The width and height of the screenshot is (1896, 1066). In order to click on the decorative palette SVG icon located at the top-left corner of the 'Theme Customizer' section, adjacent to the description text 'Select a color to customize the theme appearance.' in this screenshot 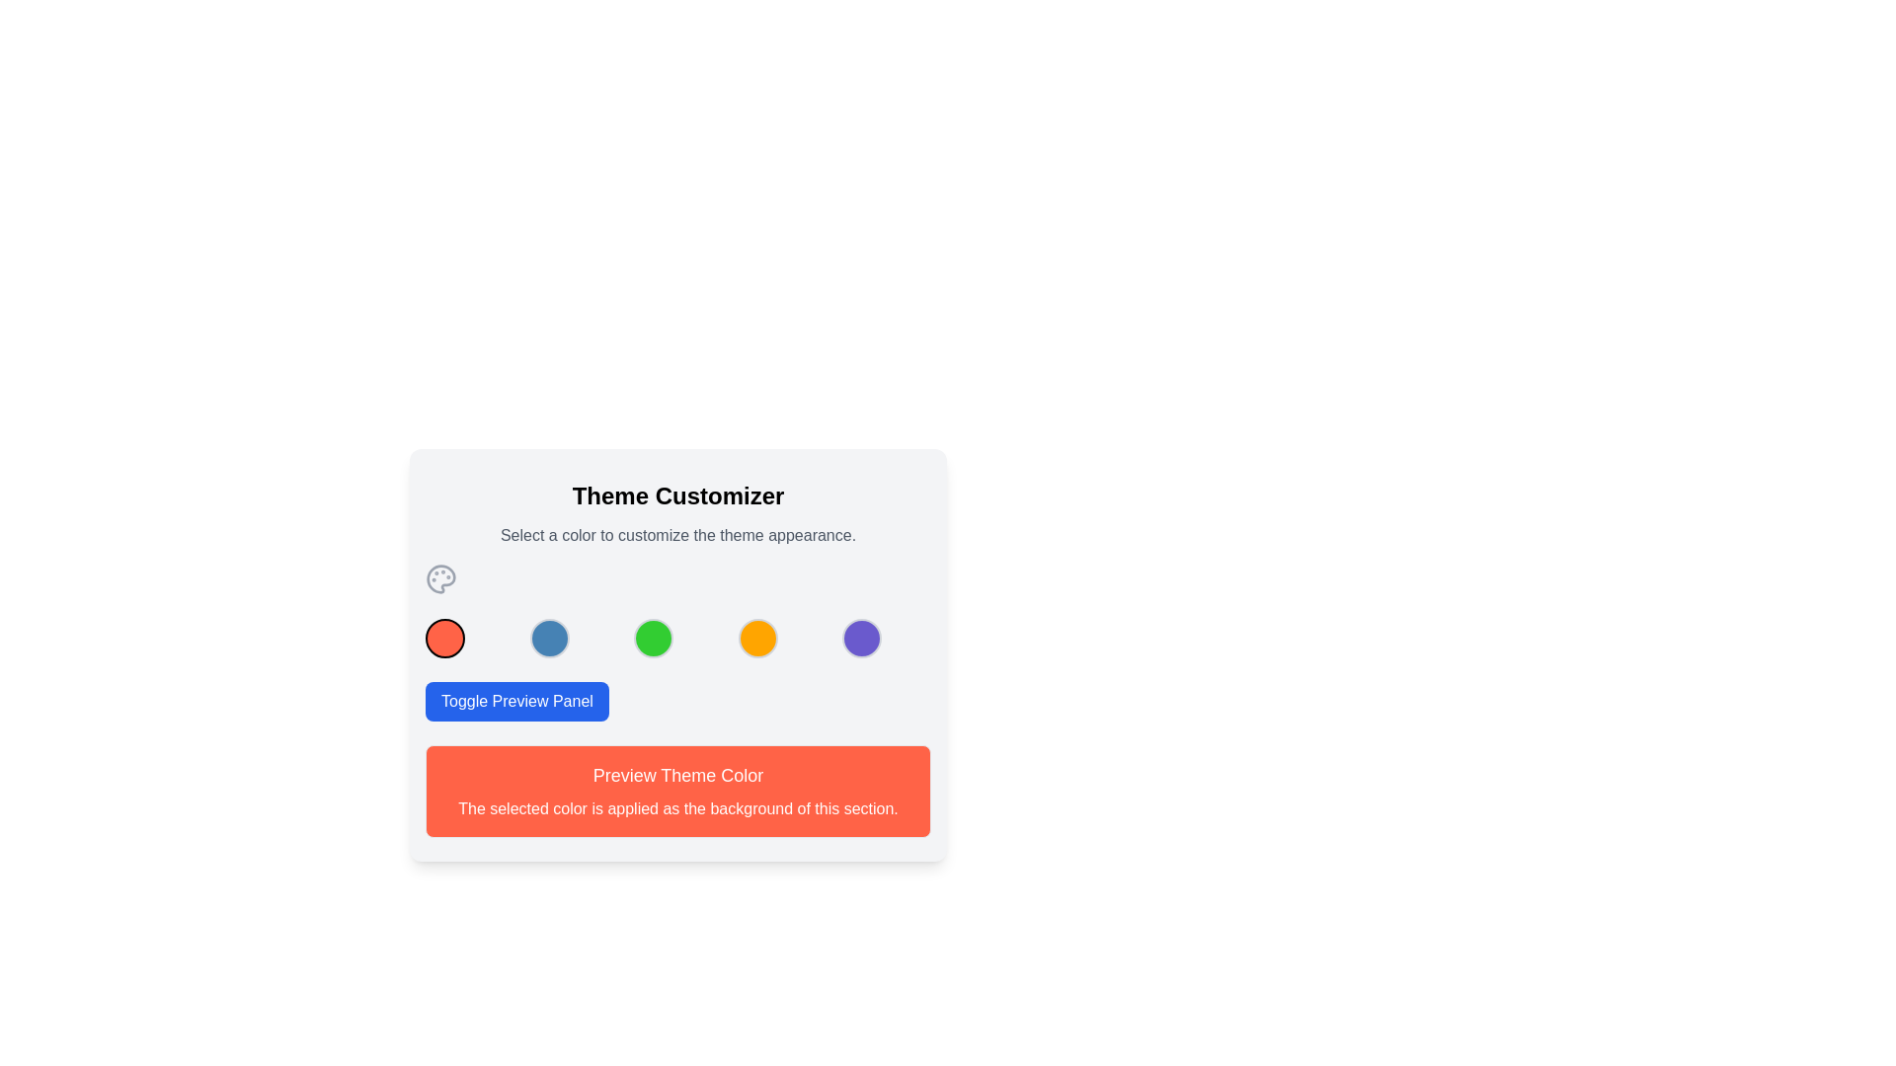, I will do `click(439, 577)`.